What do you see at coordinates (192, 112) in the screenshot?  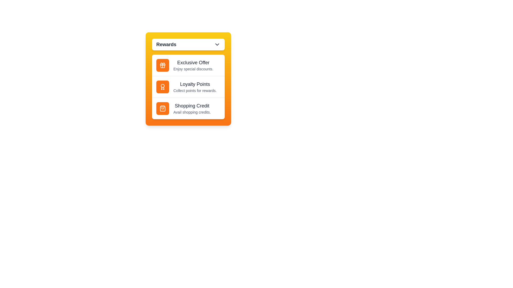 I see `descriptive text label below the 'Shopping Credit' title within the third item of the reward options list, which is aligned towards the bottom-center of the yellow-orange bordered card` at bounding box center [192, 112].